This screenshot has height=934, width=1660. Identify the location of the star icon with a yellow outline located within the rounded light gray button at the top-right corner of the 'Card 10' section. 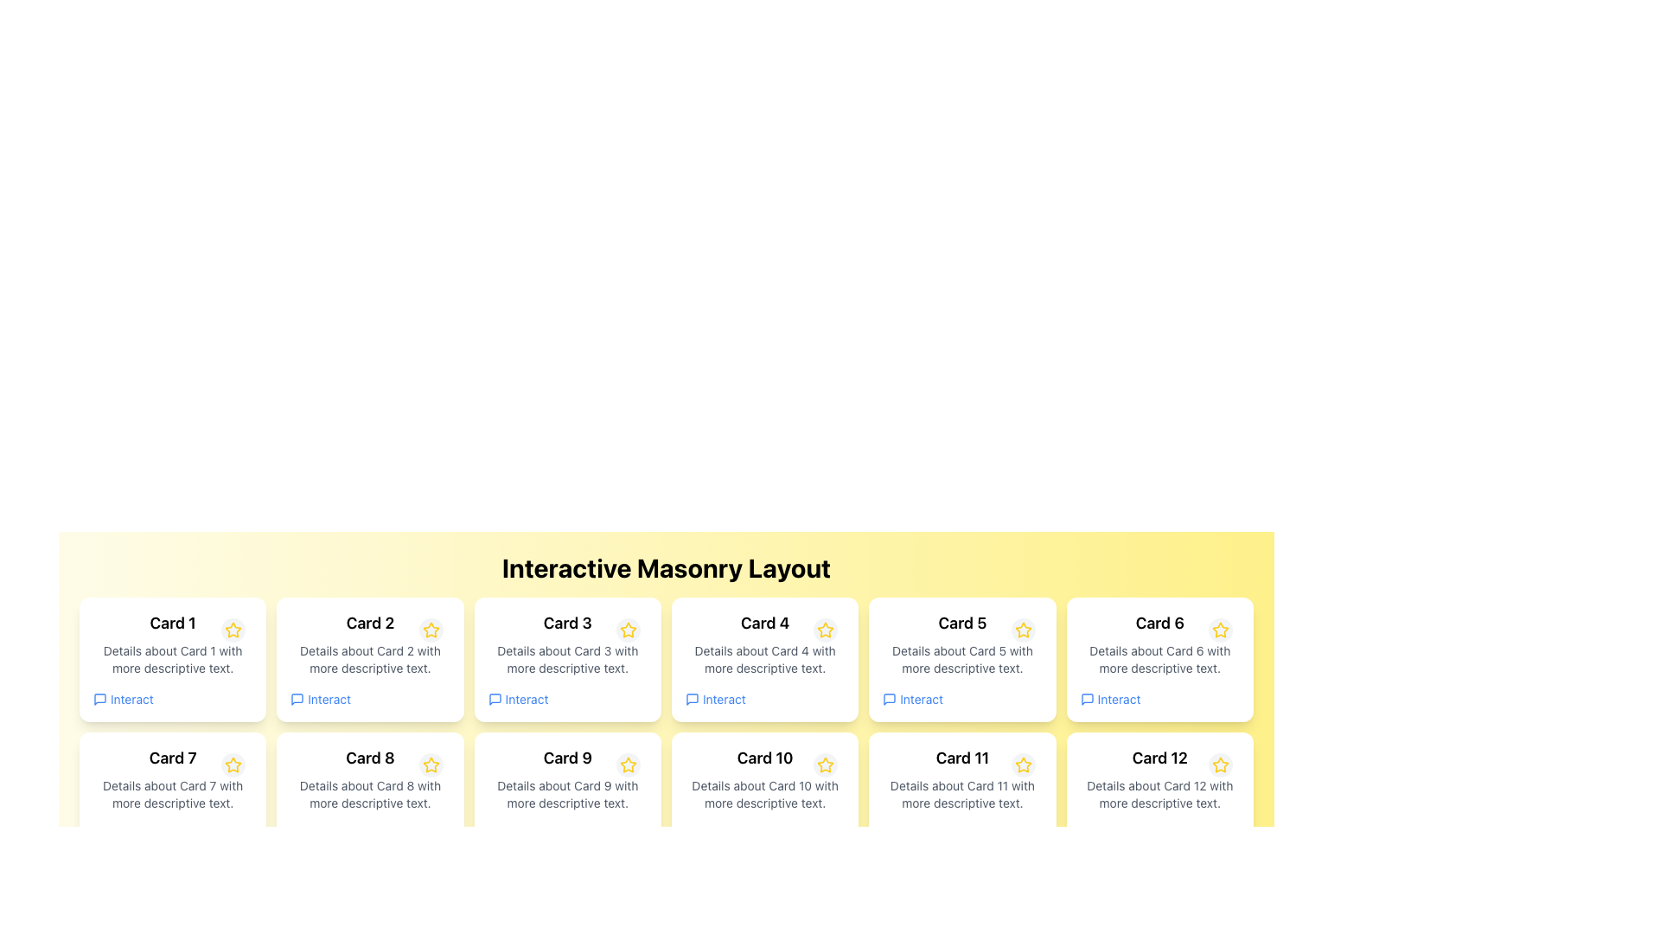
(825, 764).